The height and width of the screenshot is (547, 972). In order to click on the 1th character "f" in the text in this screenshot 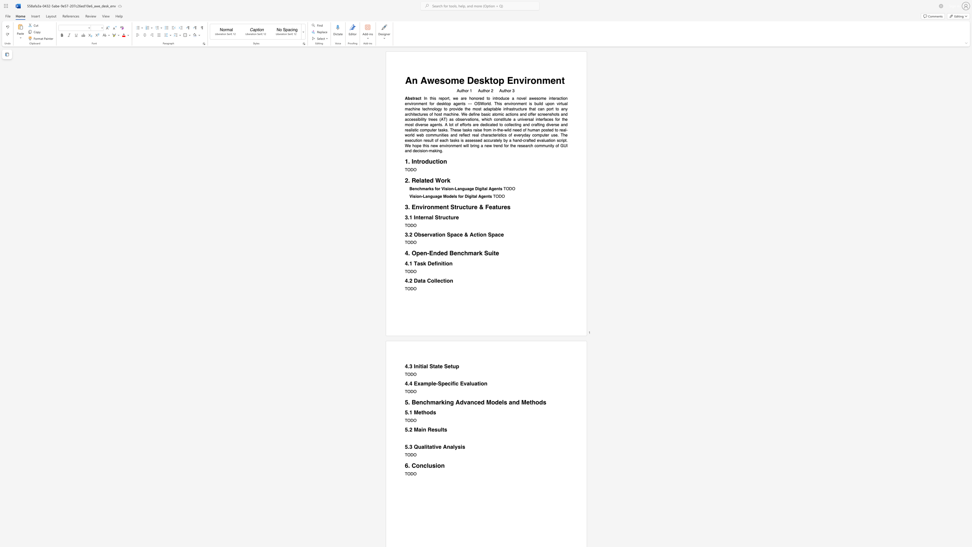, I will do `click(435, 263)`.